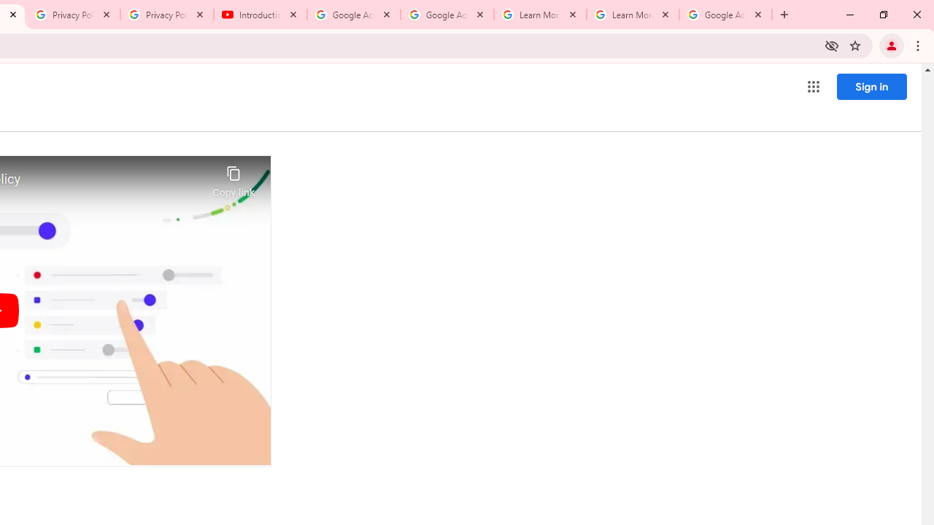 Image resolution: width=934 pixels, height=525 pixels. I want to click on 'Google Account Help', so click(354, 15).